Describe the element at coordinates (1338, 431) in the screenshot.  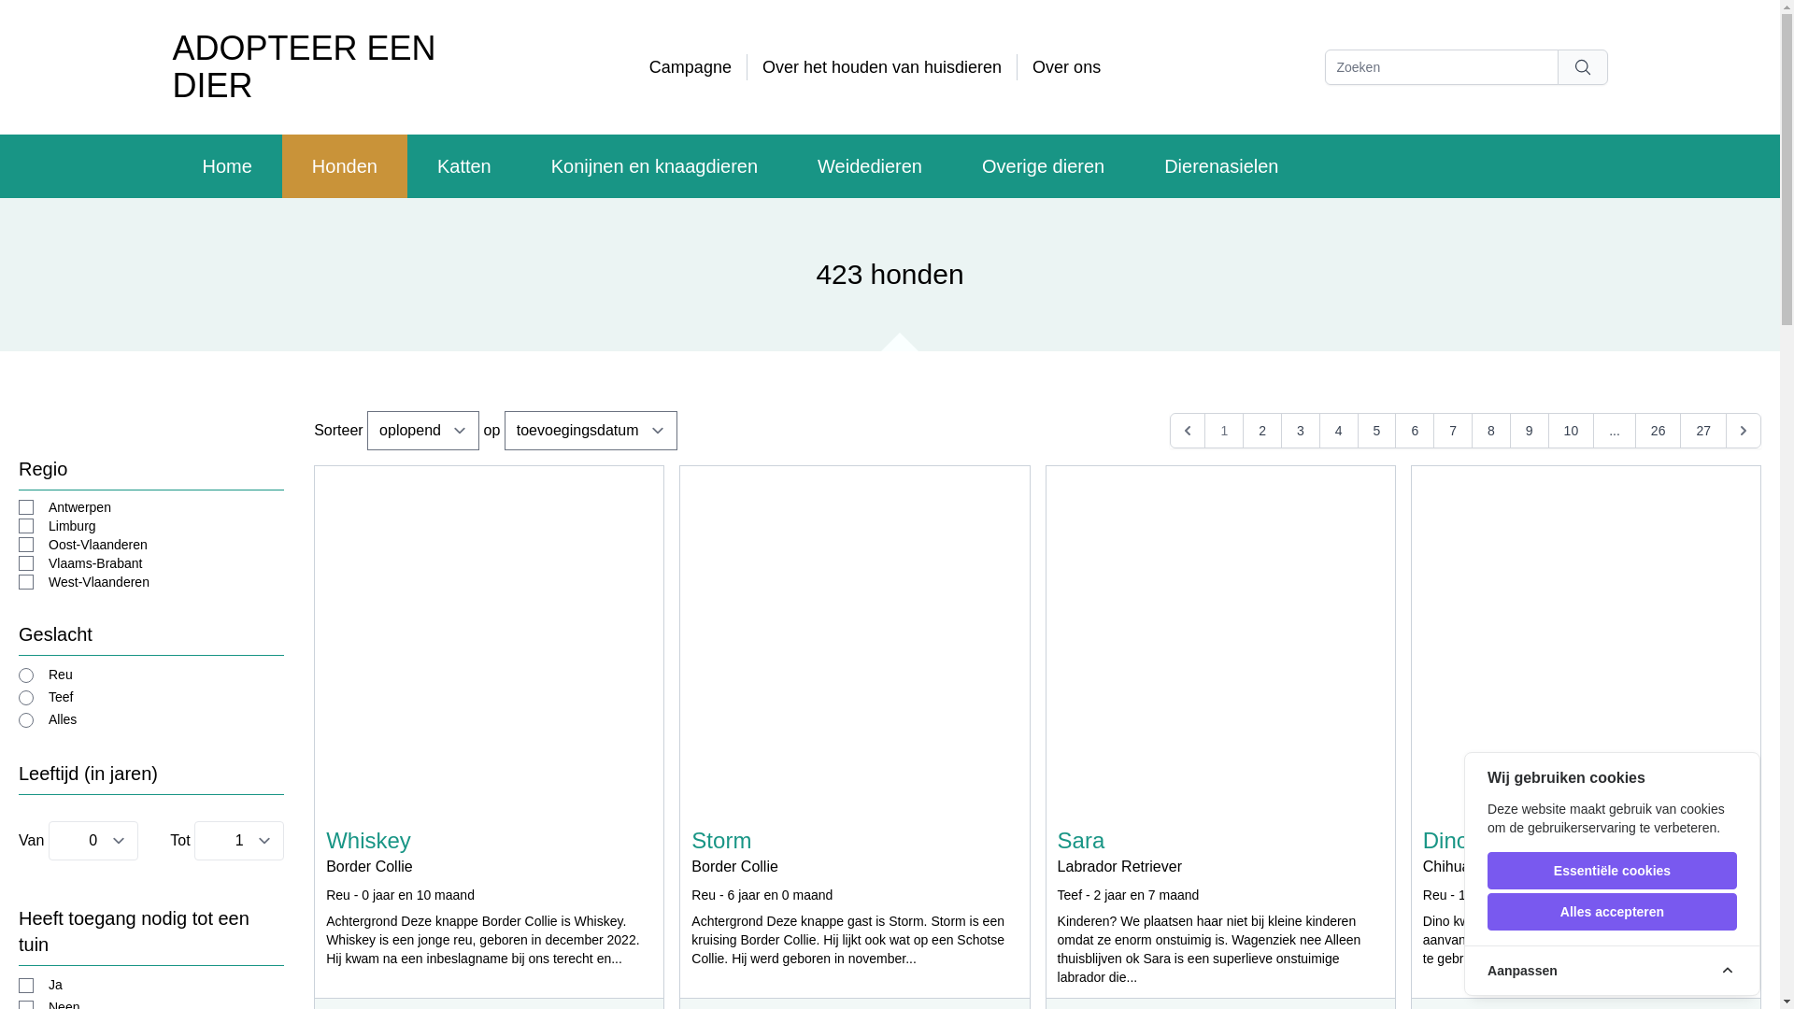
I see `'4'` at that location.